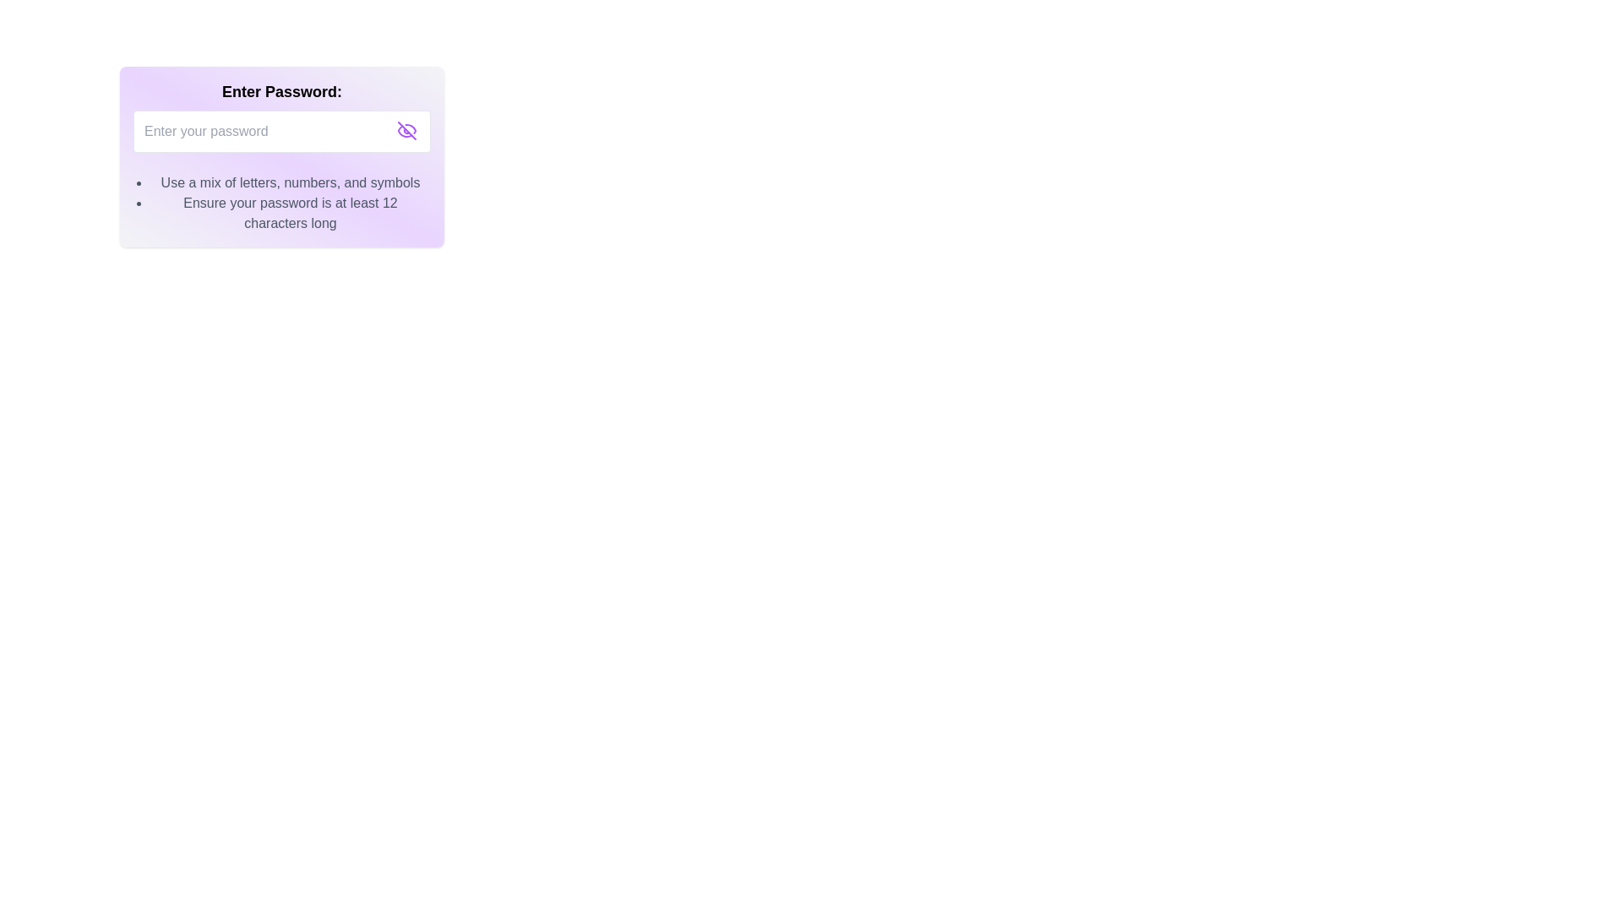 The width and height of the screenshot is (1622, 912). I want to click on the instructional text block with bullet points that guides users on creating a secure password, located below the 'Enter Password:' field, so click(291, 202).